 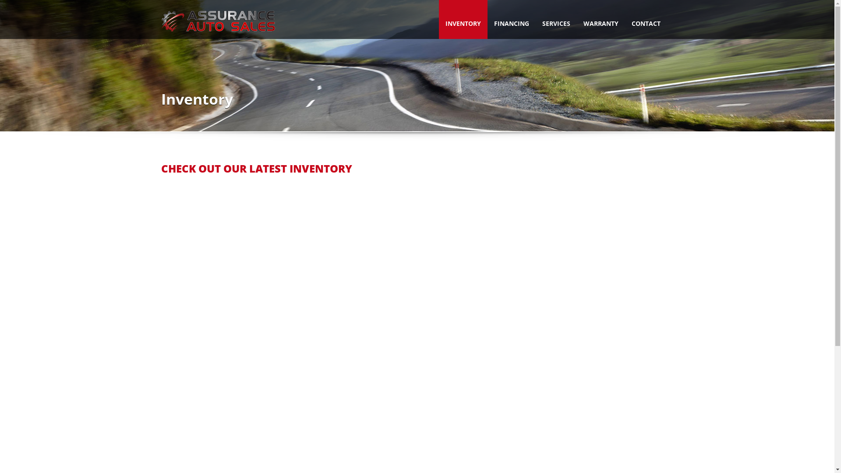 I want to click on 'INVENTORY', so click(x=463, y=19).